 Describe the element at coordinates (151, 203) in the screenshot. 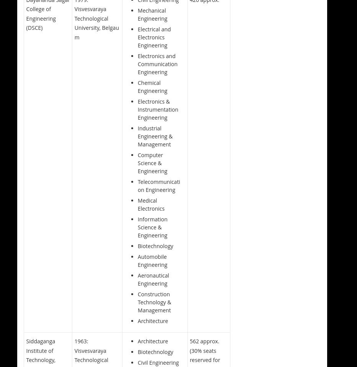

I see `'Medical Electronics'` at that location.